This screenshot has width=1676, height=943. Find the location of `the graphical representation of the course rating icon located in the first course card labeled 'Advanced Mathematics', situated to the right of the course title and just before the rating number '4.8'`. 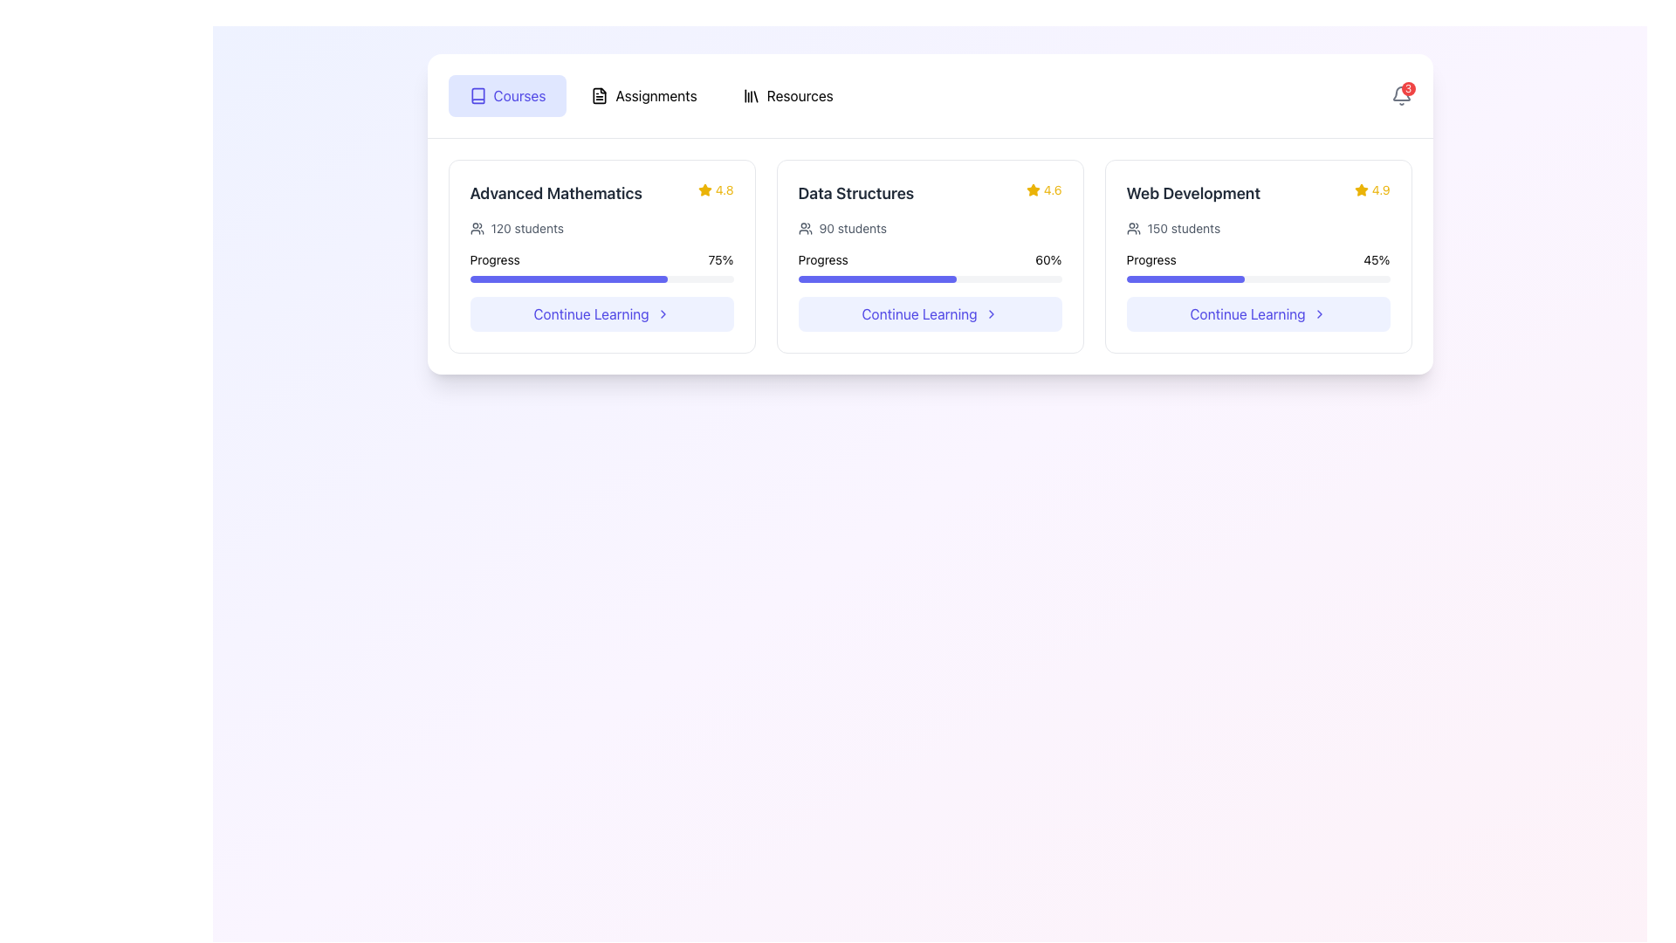

the graphical representation of the course rating icon located in the first course card labeled 'Advanced Mathematics', situated to the right of the course title and just before the rating number '4.8' is located at coordinates (704, 190).